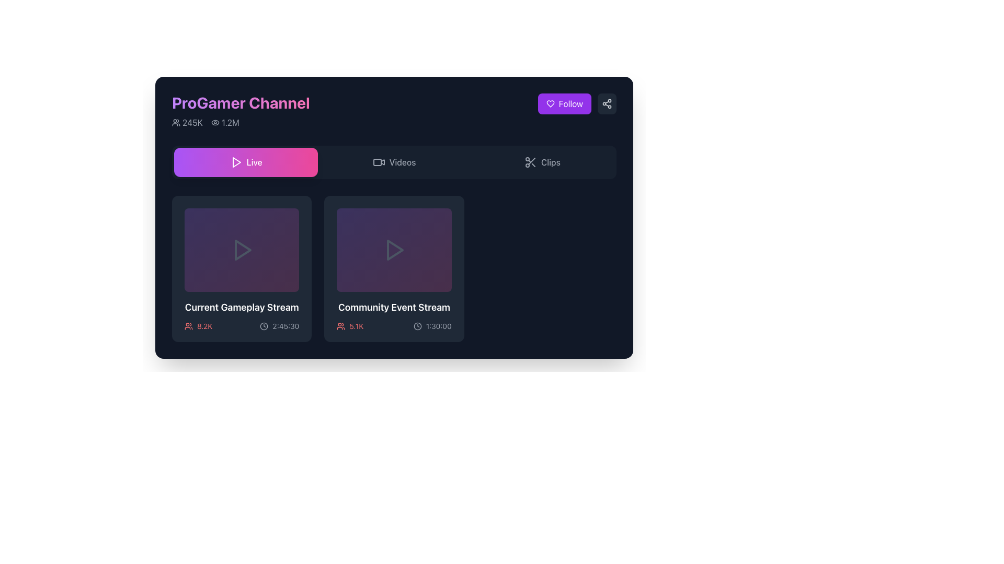 The width and height of the screenshot is (1004, 564). I want to click on the play icon located in the thumbnail of the video titled 'Current Gameplay Stream' to initiate video playback, so click(241, 250).